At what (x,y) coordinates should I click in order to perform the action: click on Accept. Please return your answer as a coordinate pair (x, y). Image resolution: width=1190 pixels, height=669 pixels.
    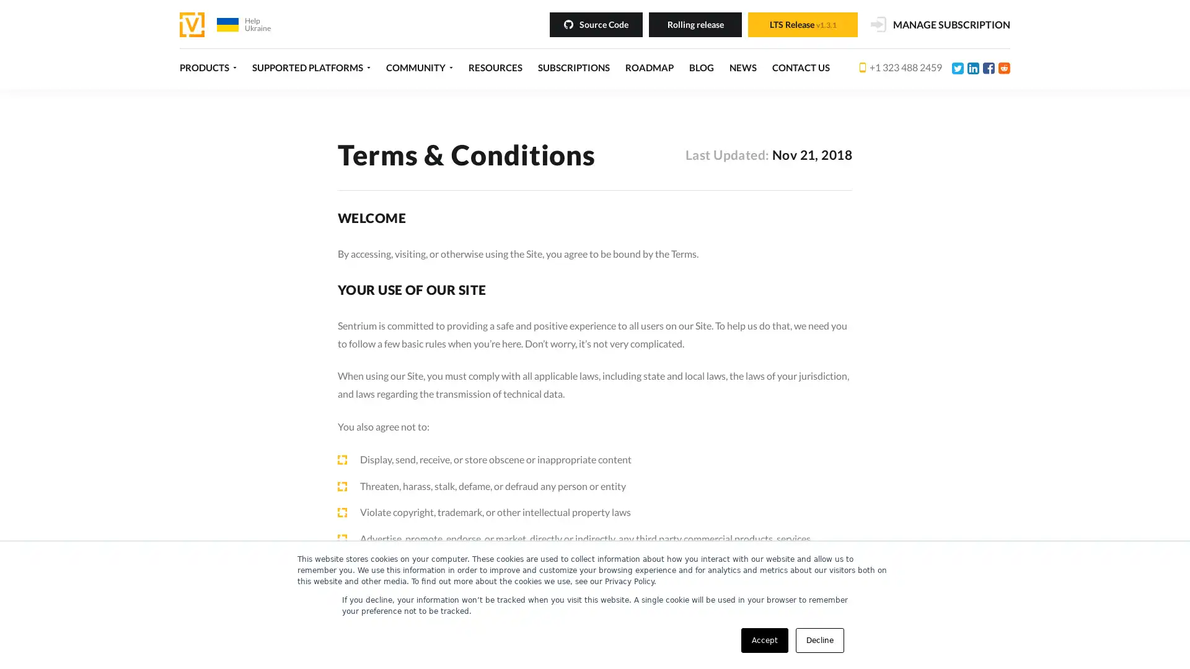
    Looking at the image, I should click on (764, 640).